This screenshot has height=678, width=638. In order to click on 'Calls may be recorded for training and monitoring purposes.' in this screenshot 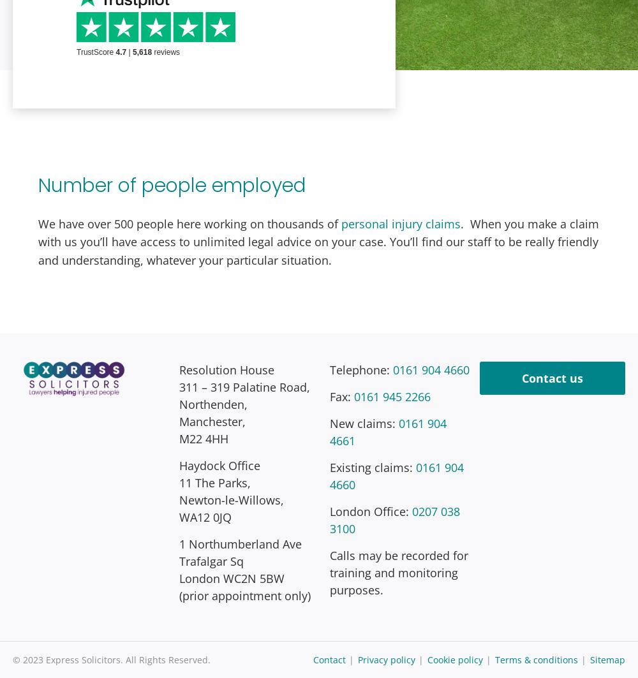, I will do `click(397, 571)`.